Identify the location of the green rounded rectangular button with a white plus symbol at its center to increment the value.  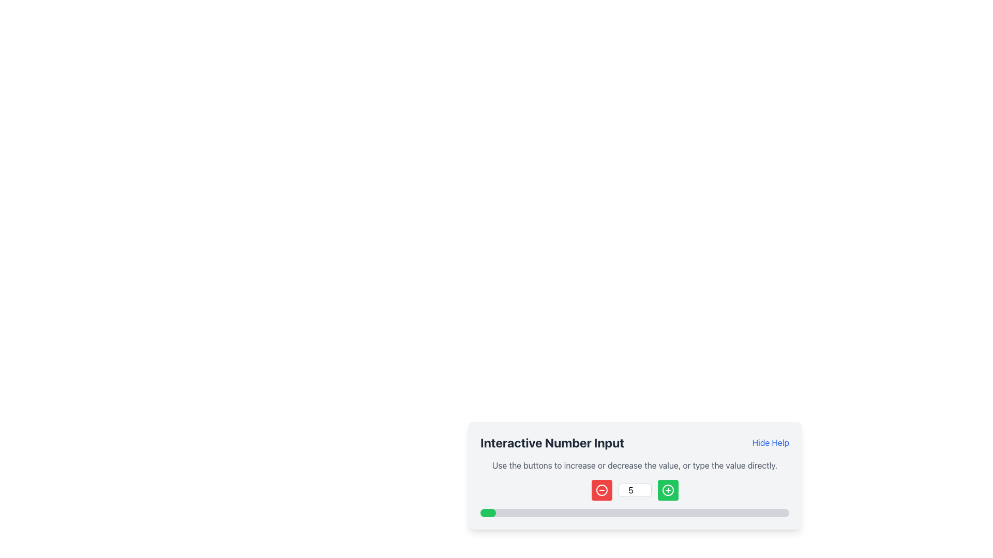
(668, 489).